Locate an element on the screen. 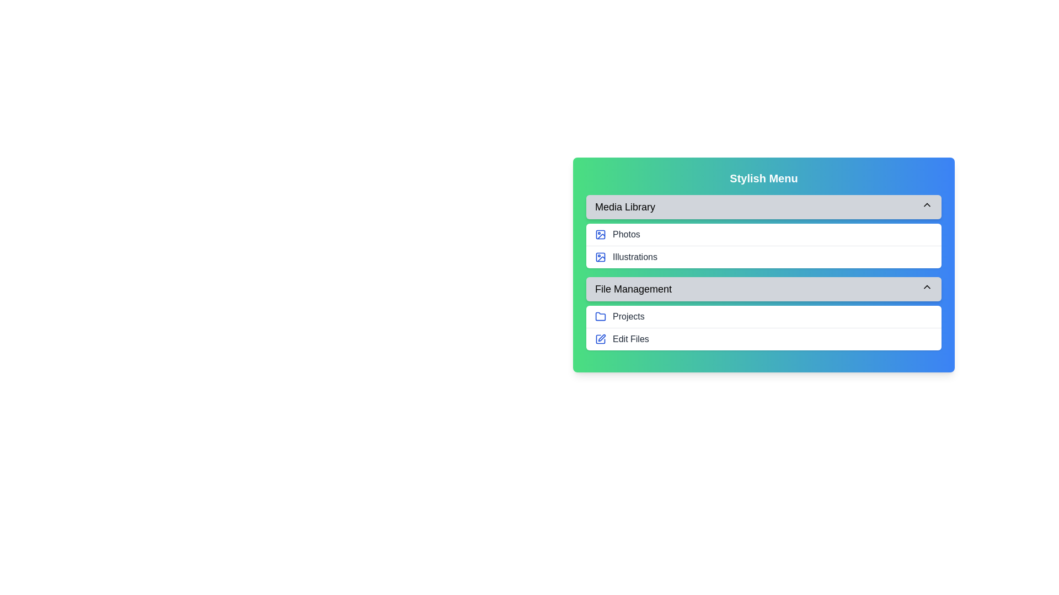 The height and width of the screenshot is (595, 1059). the 'Illustrations' menu item, which is the second item in the vertical list of the 'Media Library' section is located at coordinates (763, 257).